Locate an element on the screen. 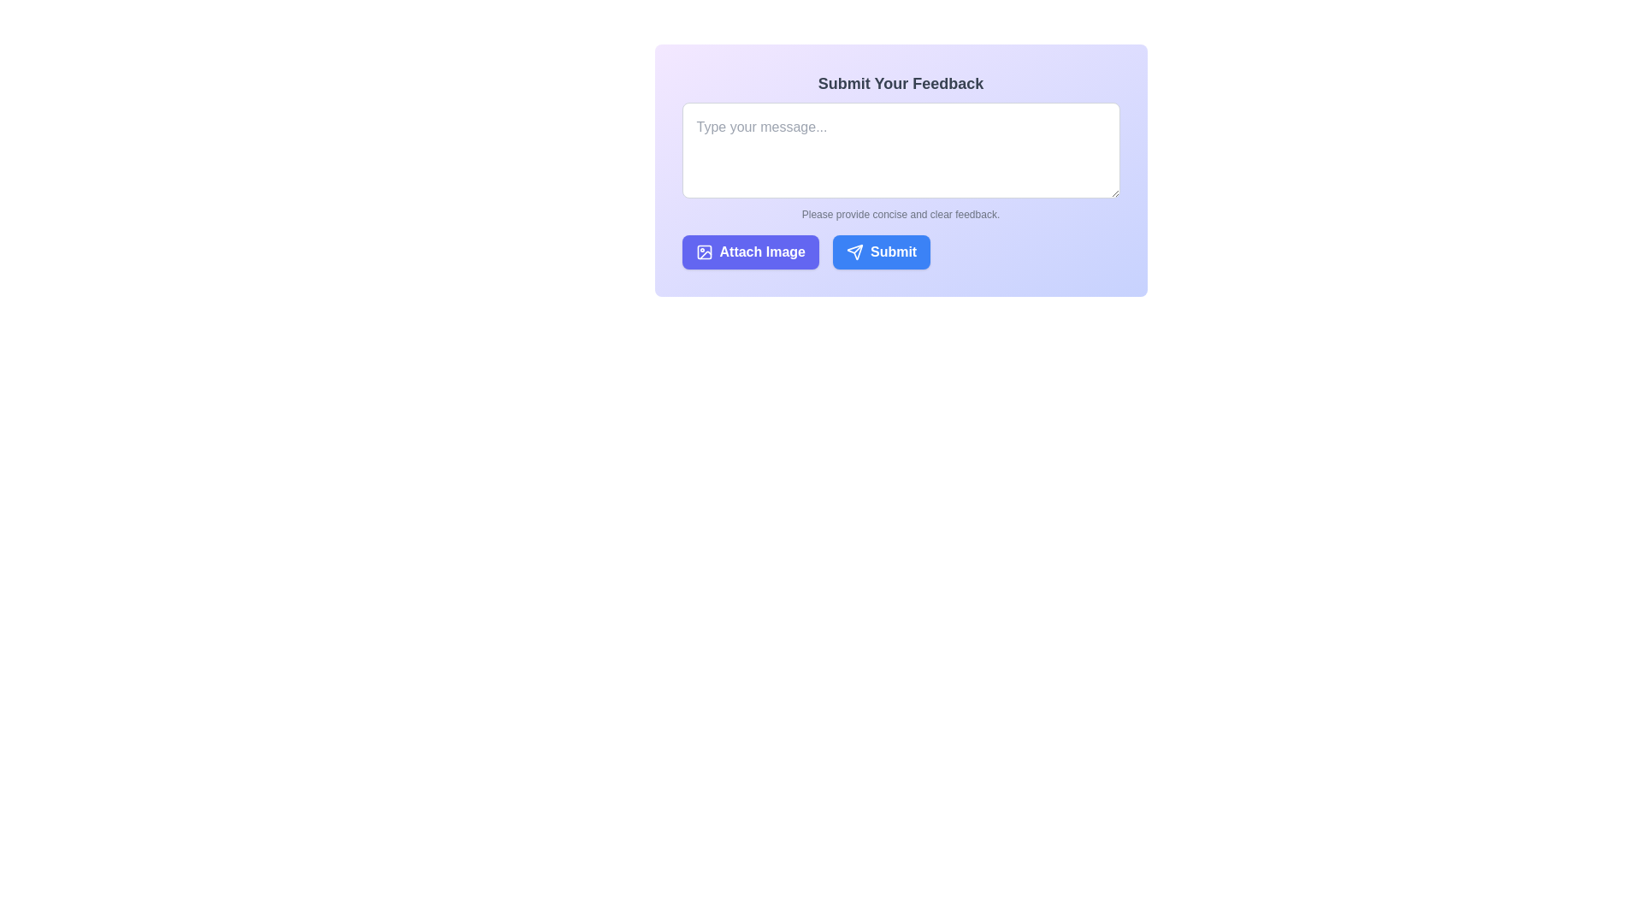  the 'Submit' button, which is the second button with a blue background and a paper airplane icon, located in the 'Submit Your Feedback' section is located at coordinates (882, 252).